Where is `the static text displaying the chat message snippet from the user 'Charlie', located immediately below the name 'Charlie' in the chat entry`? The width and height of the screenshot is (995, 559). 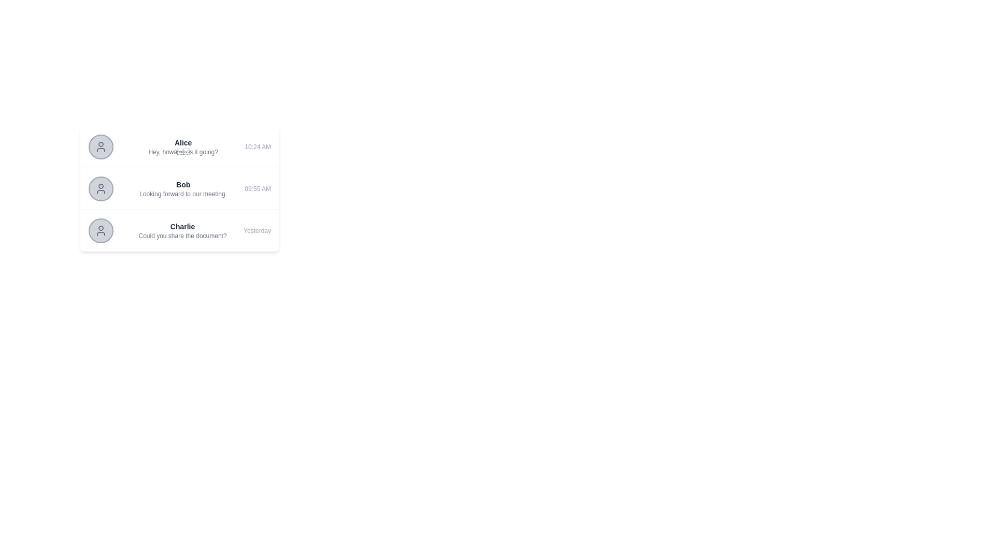
the static text displaying the chat message snippet from the user 'Charlie', located immediately below the name 'Charlie' in the chat entry is located at coordinates (182, 236).